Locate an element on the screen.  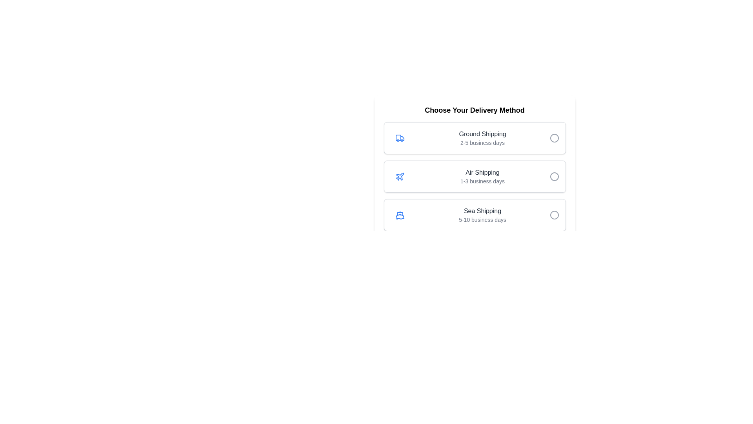
the appearance of the 'Sea Shipping' delivery method icon located in the delivery method selection menu, positioned to the left of the text description is located at coordinates (400, 215).